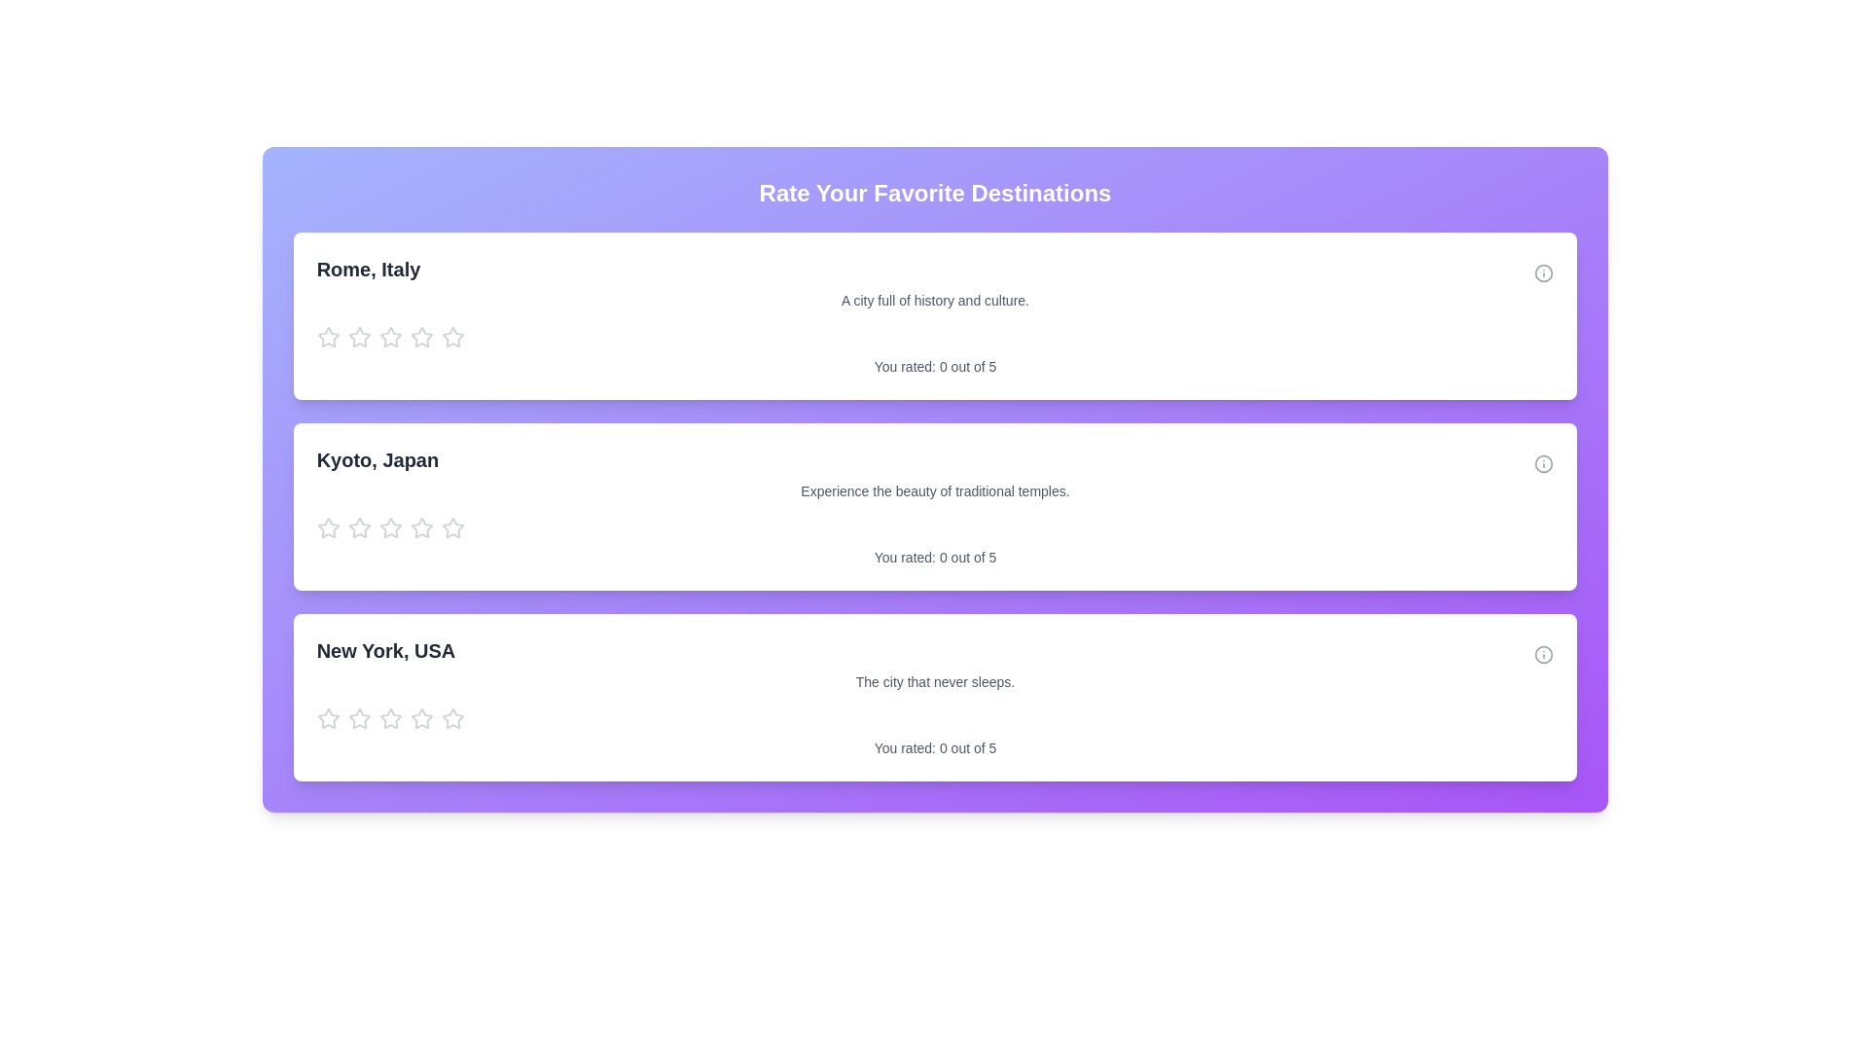 This screenshot has height=1051, width=1868. What do you see at coordinates (328, 718) in the screenshot?
I see `the first star in the star rating component to rate 'New York, USA' with a 1-star rating` at bounding box center [328, 718].